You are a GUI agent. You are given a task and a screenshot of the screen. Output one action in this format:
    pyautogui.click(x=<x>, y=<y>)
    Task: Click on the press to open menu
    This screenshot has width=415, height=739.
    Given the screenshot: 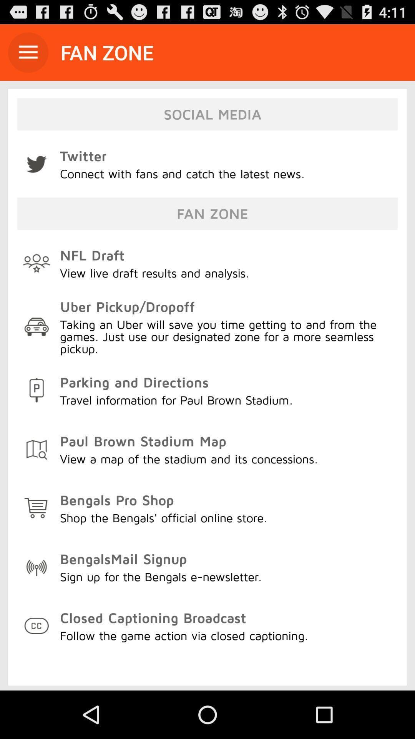 What is the action you would take?
    pyautogui.click(x=28, y=52)
    